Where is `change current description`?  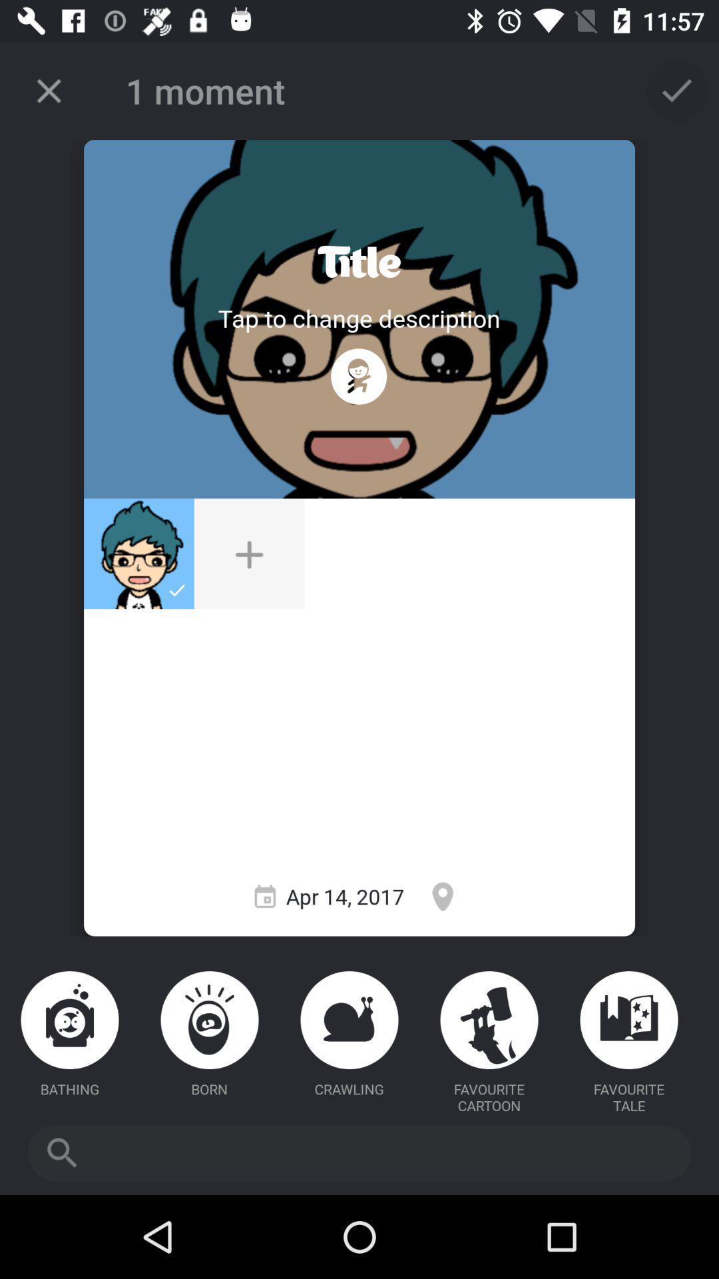 change current description is located at coordinates (358, 317).